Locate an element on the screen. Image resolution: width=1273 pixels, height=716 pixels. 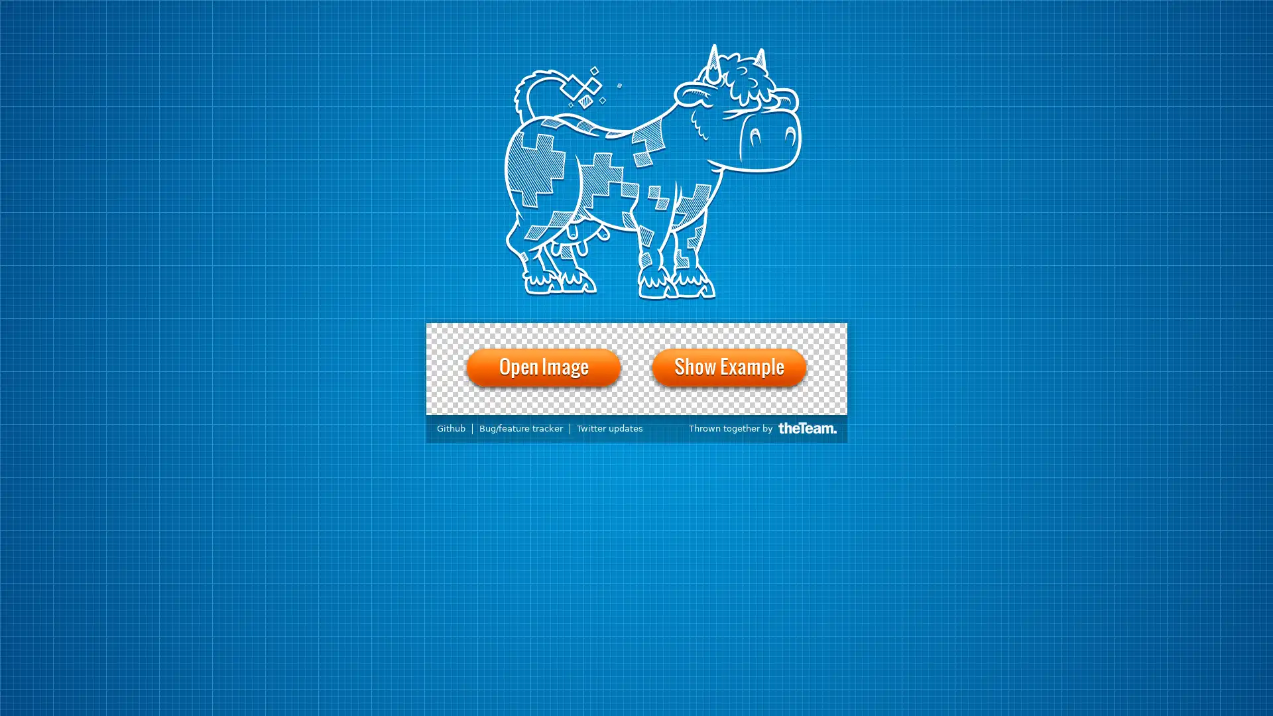
Select Sprite is located at coordinates (542, 331).